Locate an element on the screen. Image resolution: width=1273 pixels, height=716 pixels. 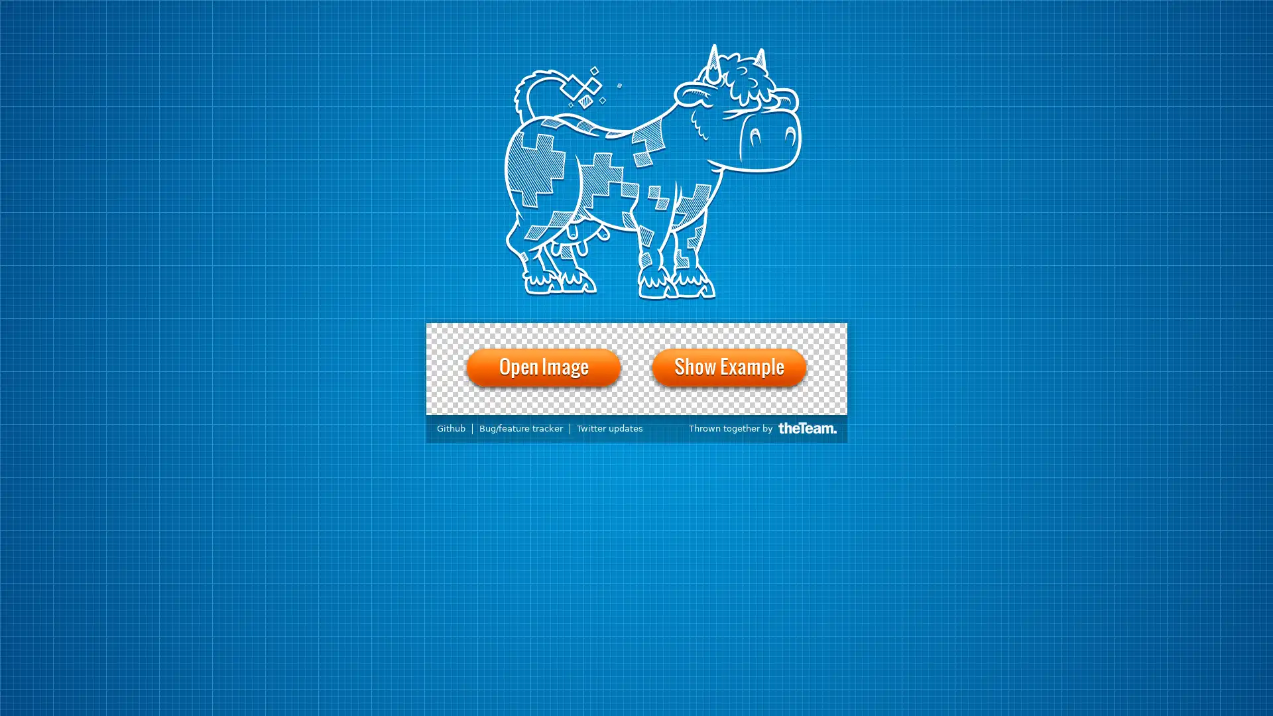
Select Sprite is located at coordinates (542, 331).